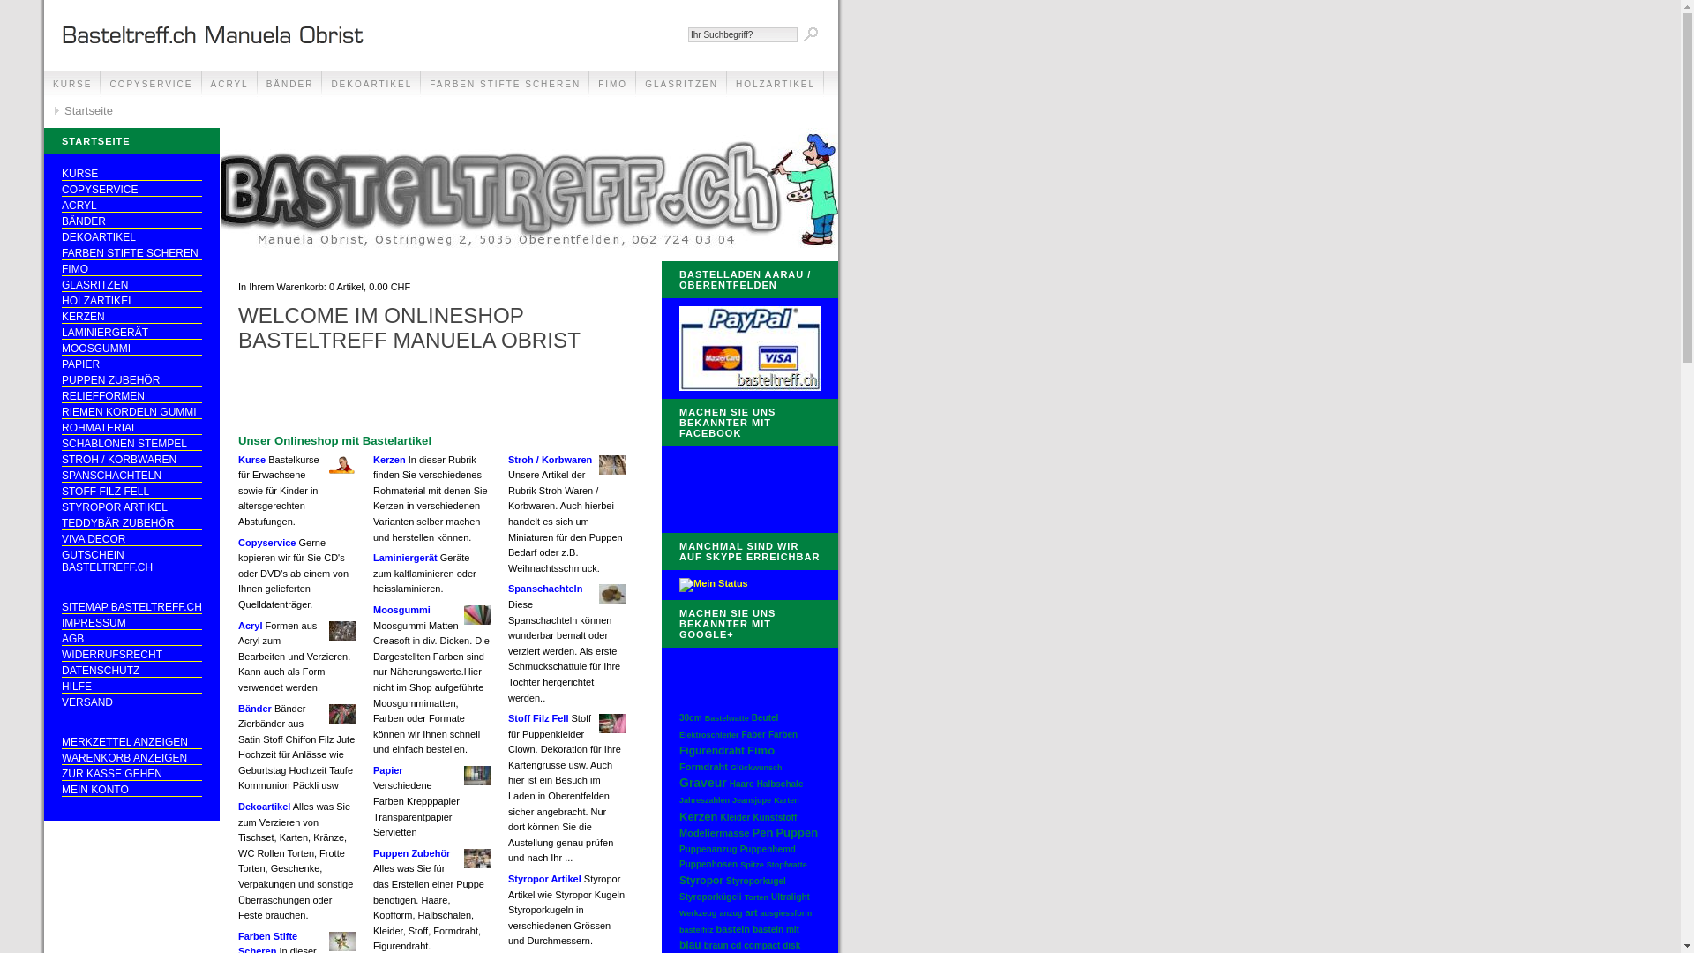  Describe the element at coordinates (727, 717) in the screenshot. I see `'Bastelwatte'` at that location.